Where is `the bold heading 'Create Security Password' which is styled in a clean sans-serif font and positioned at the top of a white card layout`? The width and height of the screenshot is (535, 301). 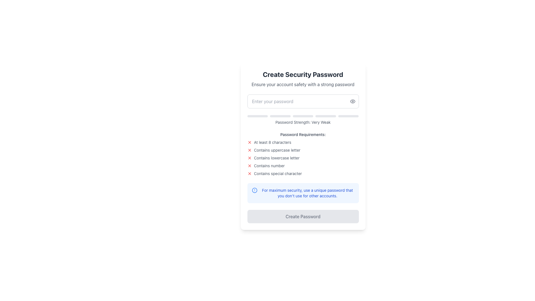 the bold heading 'Create Security Password' which is styled in a clean sans-serif font and positioned at the top of a white card layout is located at coordinates (303, 74).